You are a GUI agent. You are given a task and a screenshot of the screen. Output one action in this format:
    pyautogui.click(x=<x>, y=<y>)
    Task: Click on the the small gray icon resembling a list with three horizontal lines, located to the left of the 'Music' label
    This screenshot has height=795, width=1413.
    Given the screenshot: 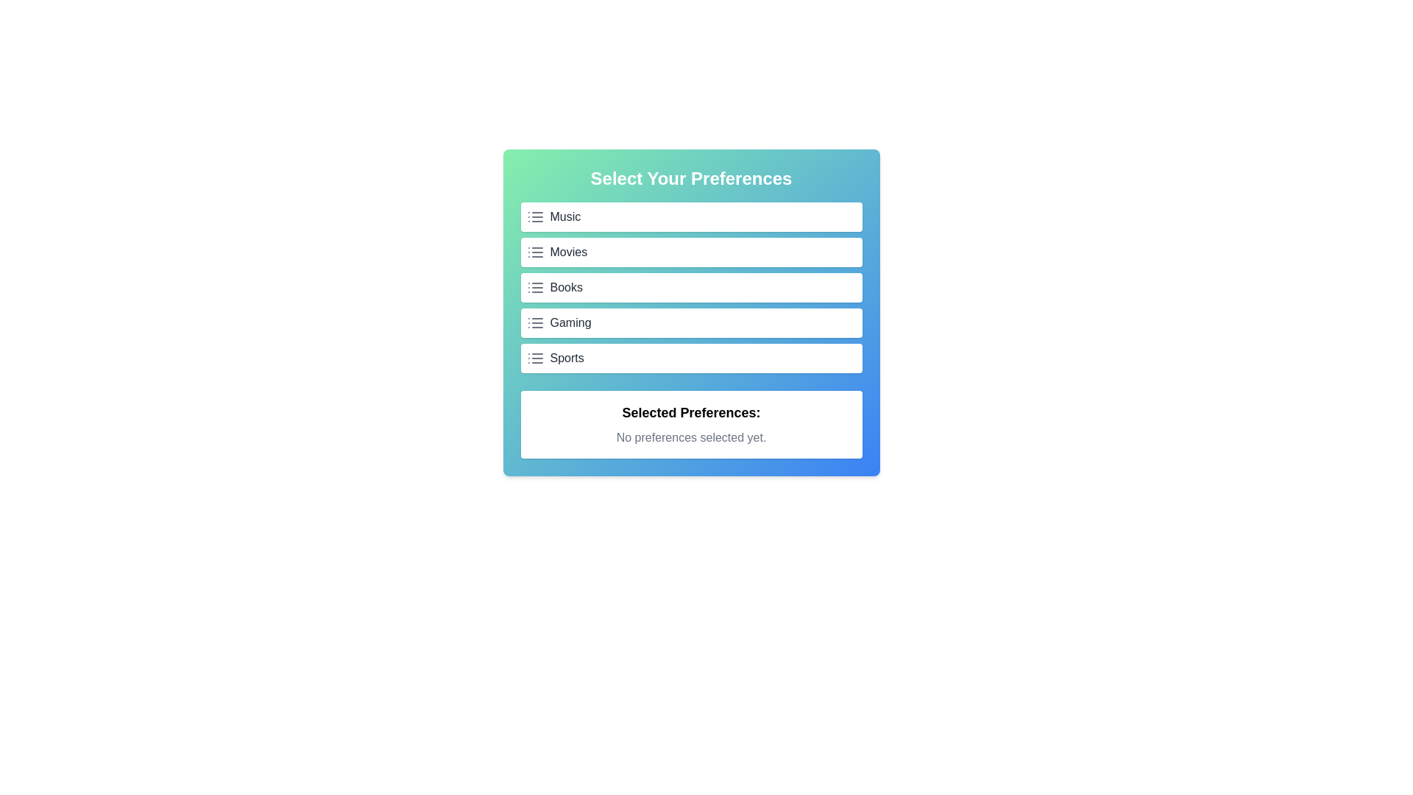 What is the action you would take?
    pyautogui.click(x=534, y=216)
    